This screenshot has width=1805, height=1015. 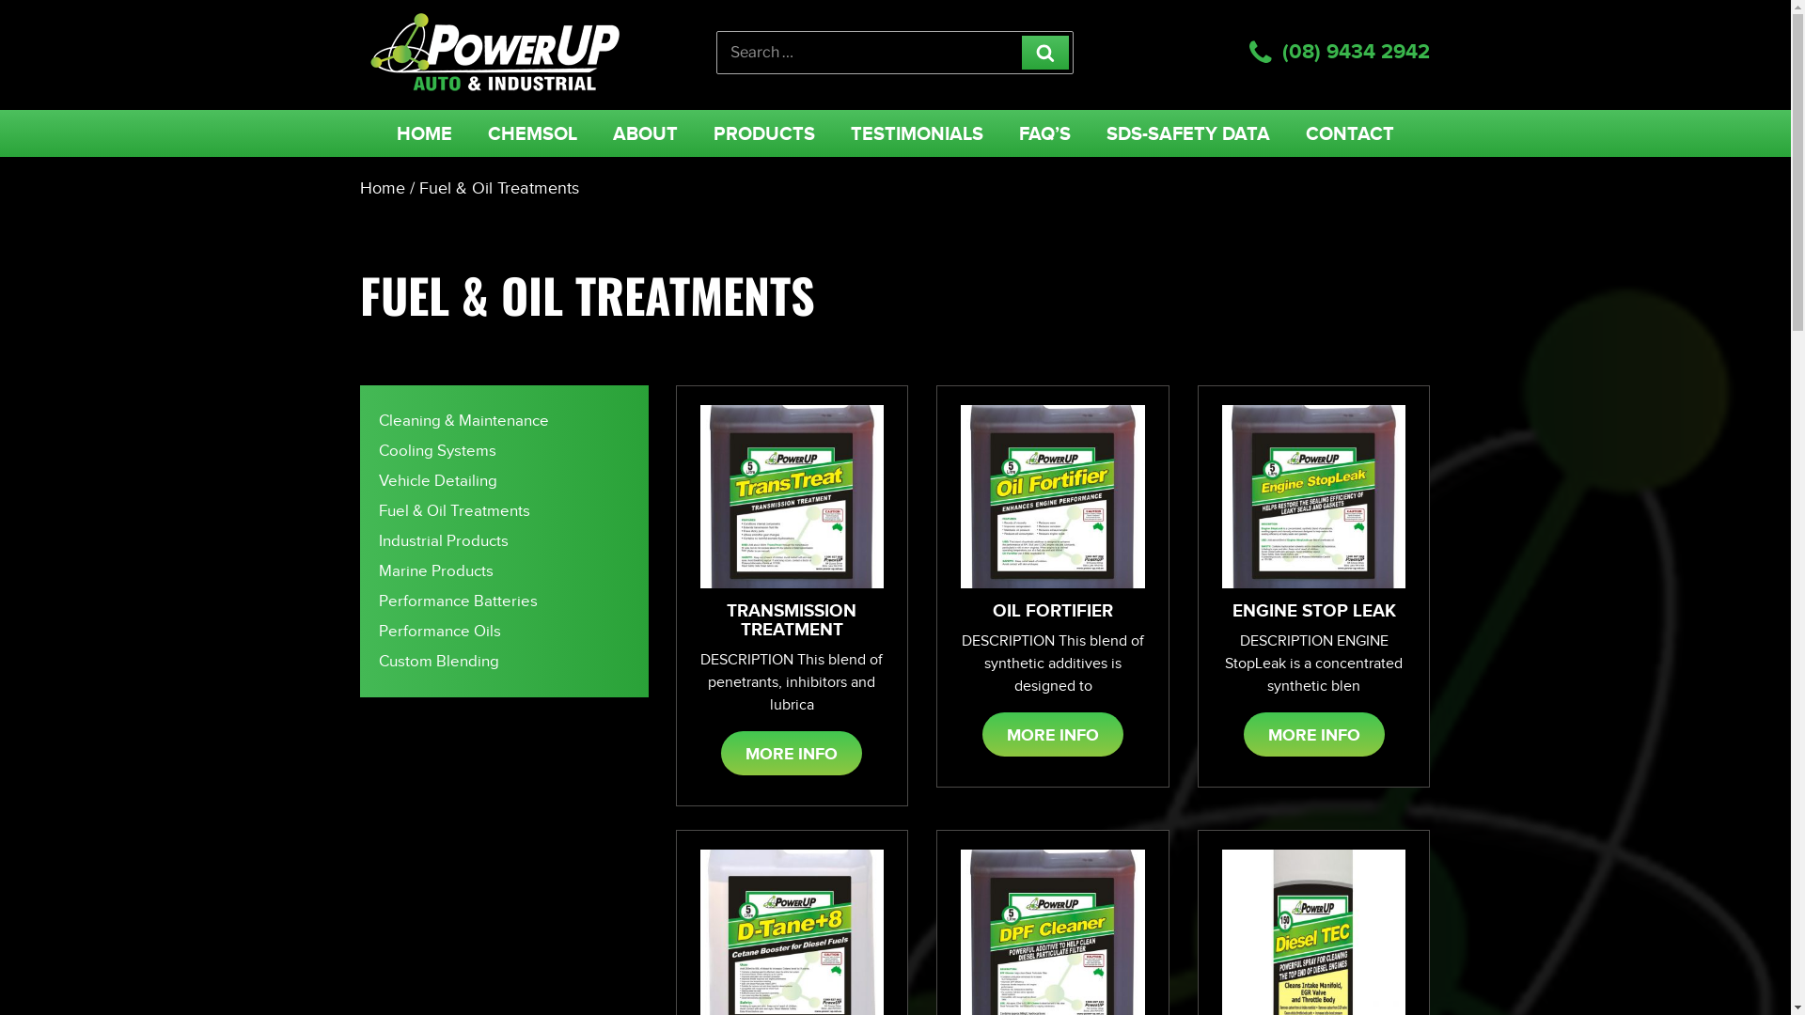 What do you see at coordinates (1356, 52) in the screenshot?
I see `'(08) 9434 2942'` at bounding box center [1356, 52].